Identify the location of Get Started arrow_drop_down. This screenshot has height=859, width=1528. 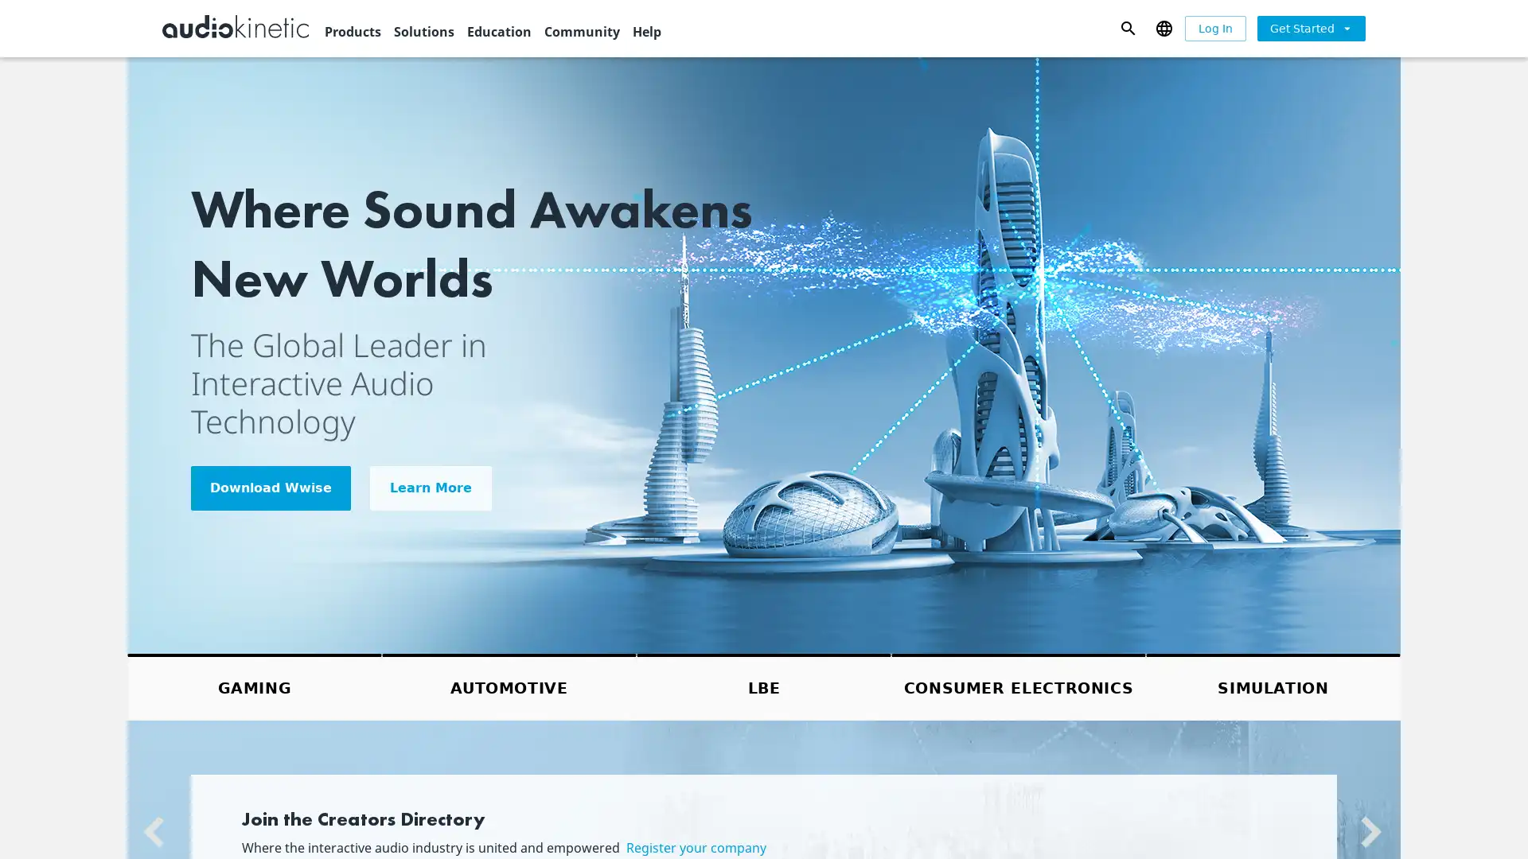
(1311, 28).